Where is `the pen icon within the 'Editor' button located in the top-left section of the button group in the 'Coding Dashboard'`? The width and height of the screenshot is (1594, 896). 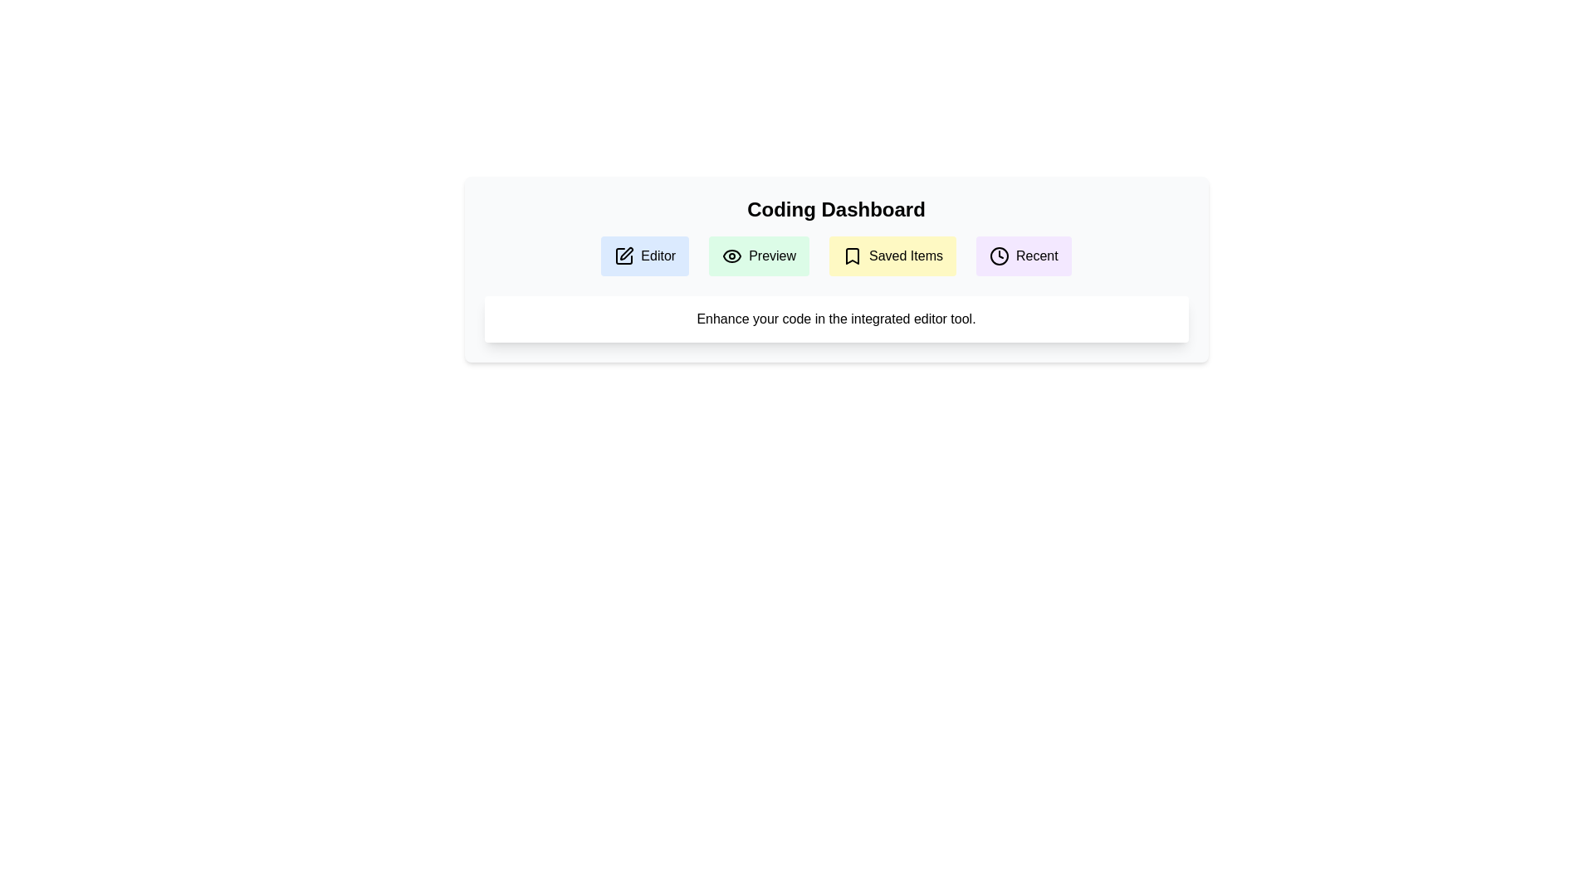
the pen icon within the 'Editor' button located in the top-left section of the button group in the 'Coding Dashboard' is located at coordinates (623, 256).